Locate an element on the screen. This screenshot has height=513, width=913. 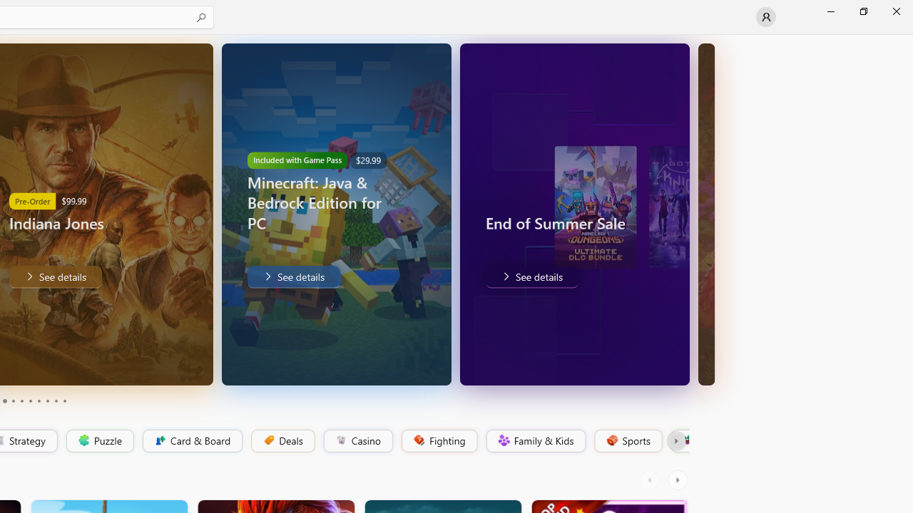
'Family & Kids' is located at coordinates (534, 440).